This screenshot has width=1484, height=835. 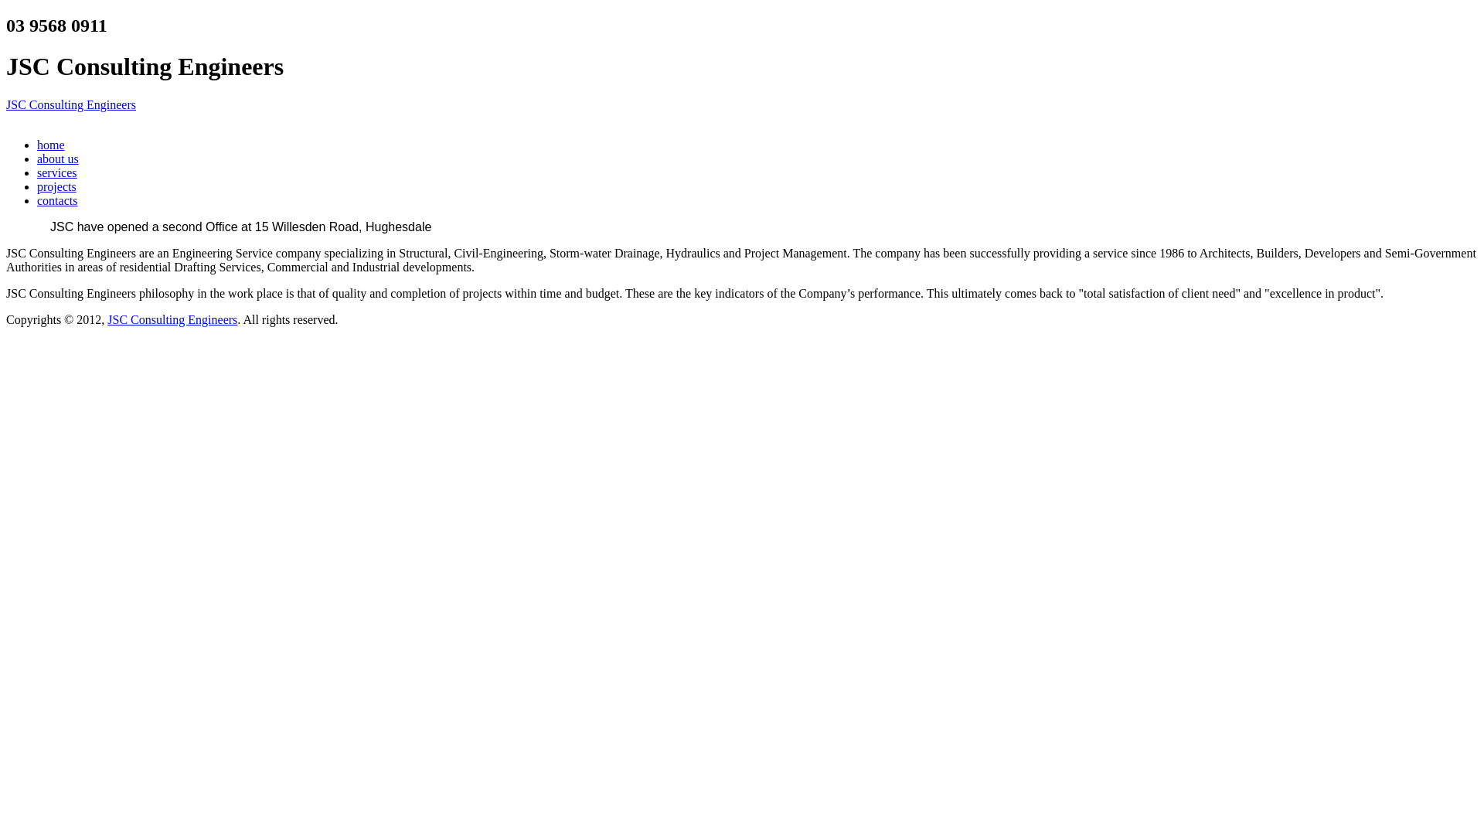 What do you see at coordinates (56, 186) in the screenshot?
I see `'projects'` at bounding box center [56, 186].